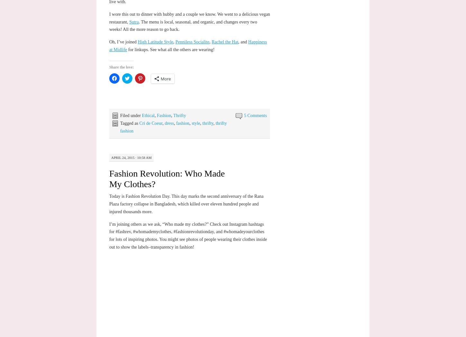 Image resolution: width=466 pixels, height=337 pixels. What do you see at coordinates (160, 79) in the screenshot?
I see `'More'` at bounding box center [160, 79].